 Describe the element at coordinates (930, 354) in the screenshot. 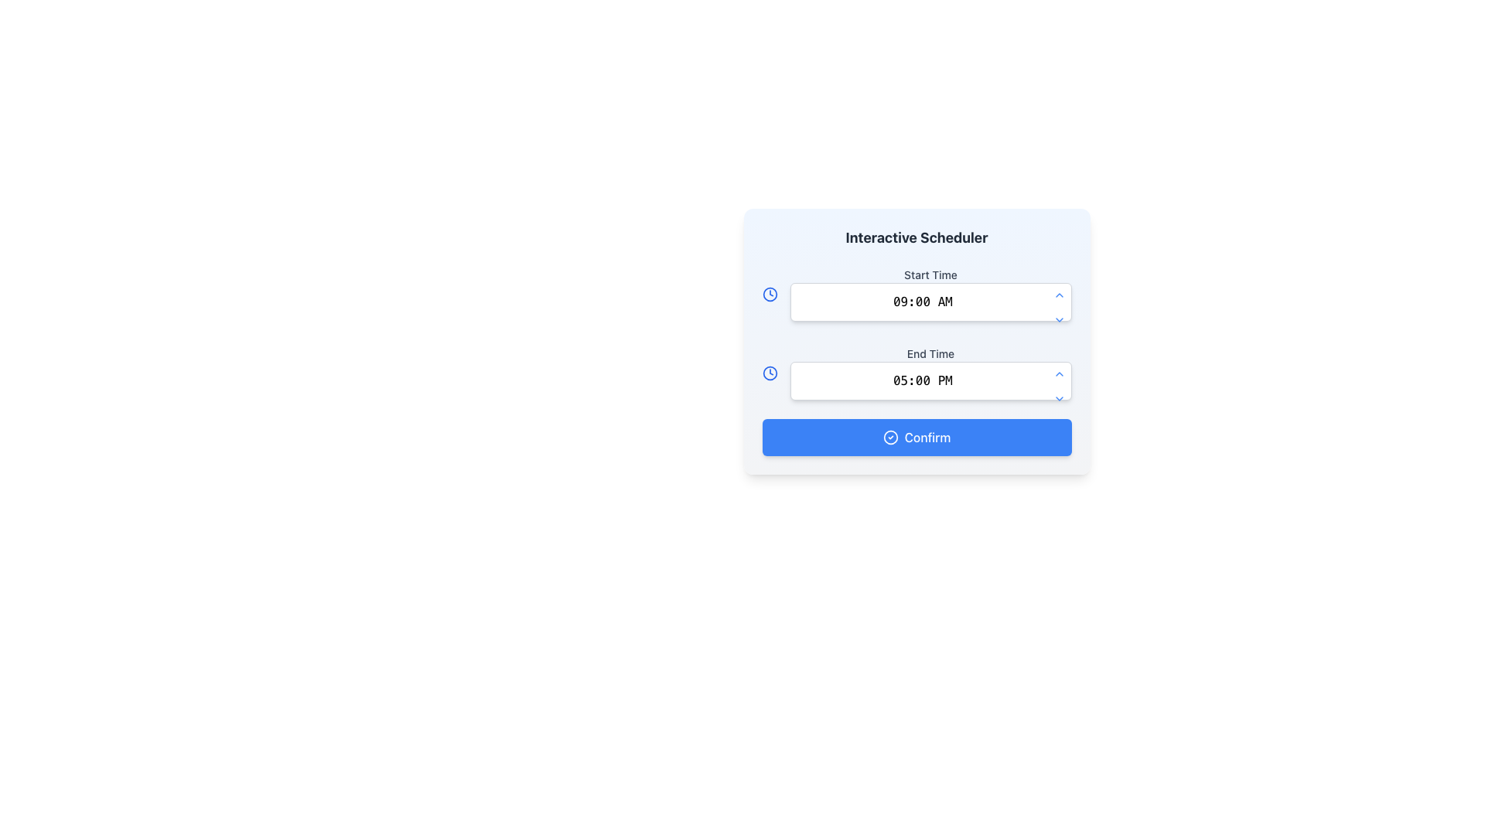

I see `the descriptive label indicating the end time for an event, positioned above the input field with the text '05:00 PM'` at that location.